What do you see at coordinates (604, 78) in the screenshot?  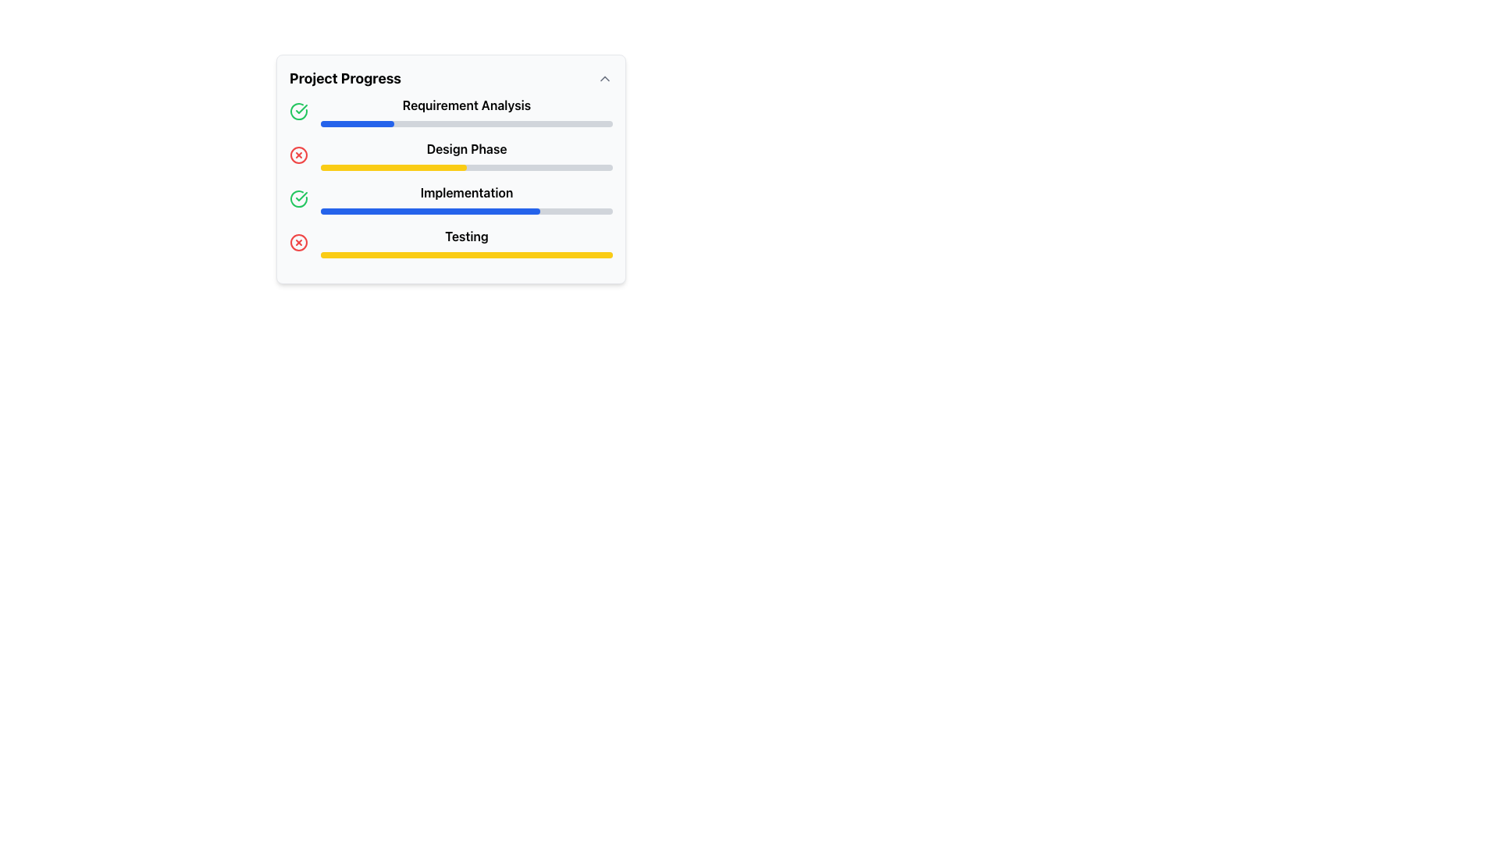 I see `the upward-pointing chevron icon button located to the far-right of the 'Project Progress' header` at bounding box center [604, 78].